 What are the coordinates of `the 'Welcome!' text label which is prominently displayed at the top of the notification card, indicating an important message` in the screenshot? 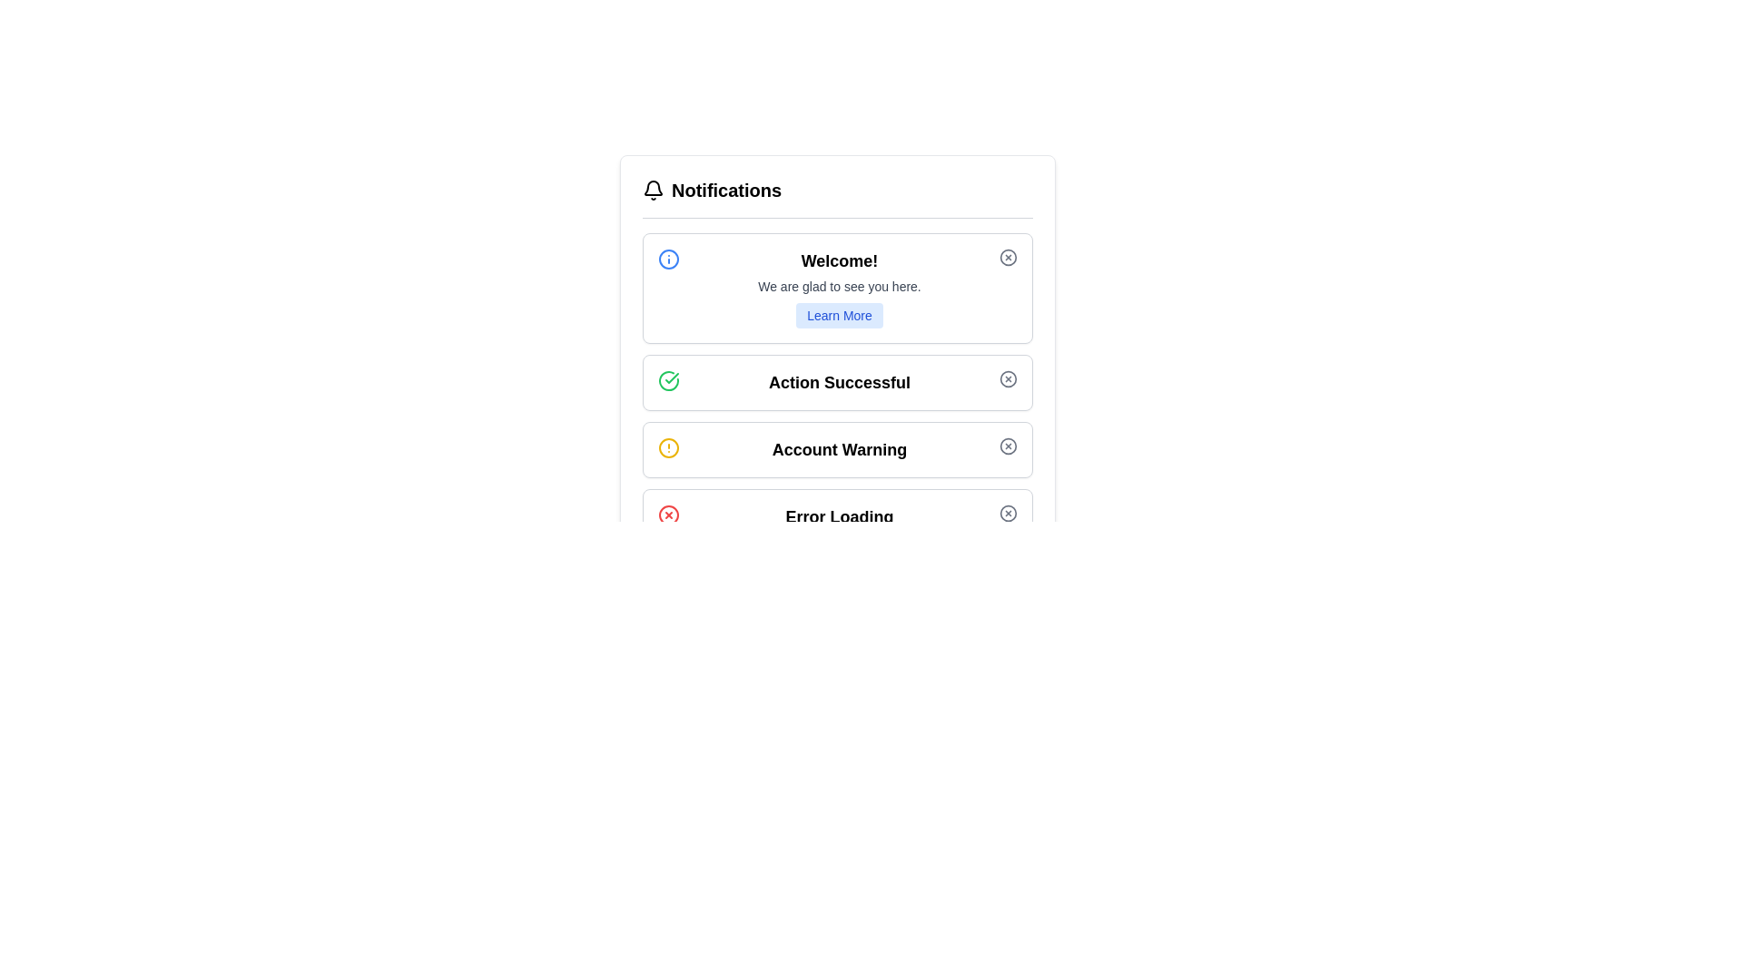 It's located at (839, 261).